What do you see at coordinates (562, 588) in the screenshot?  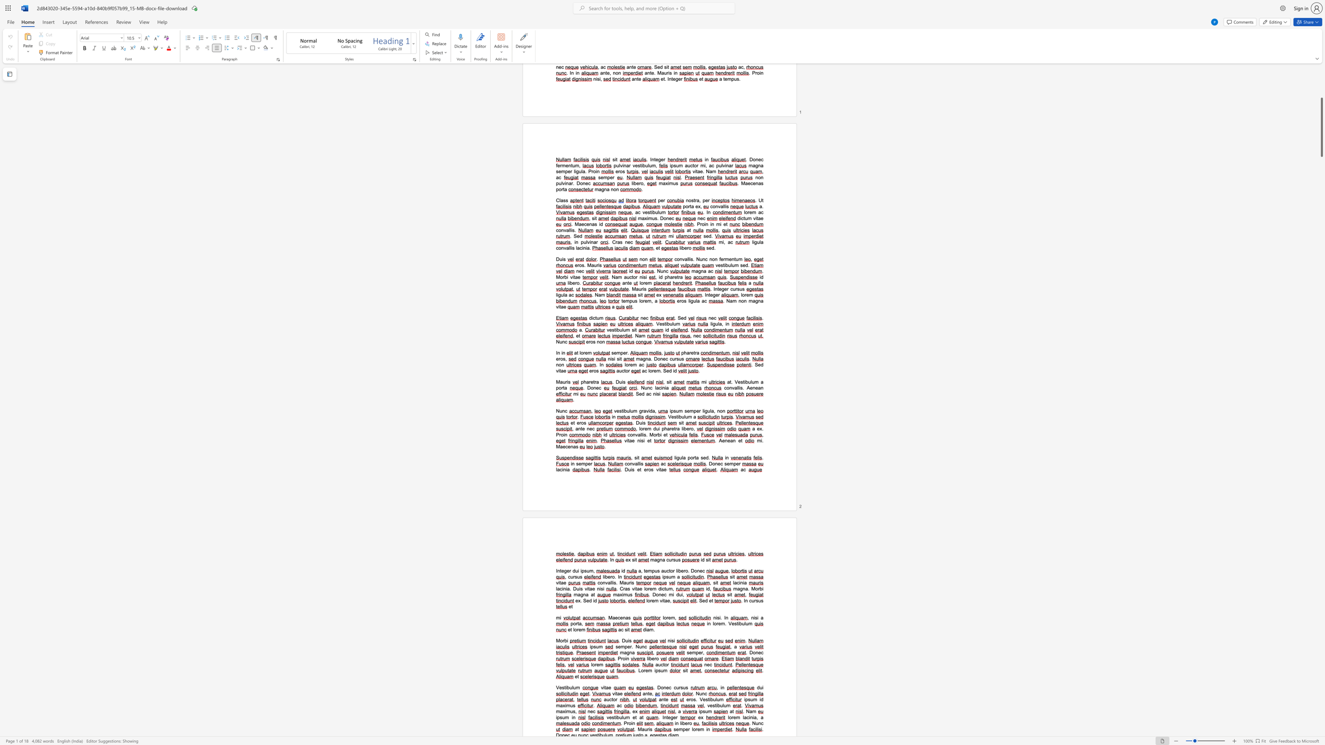 I see `the space between the continuous character "c" and "i" in the text` at bounding box center [562, 588].